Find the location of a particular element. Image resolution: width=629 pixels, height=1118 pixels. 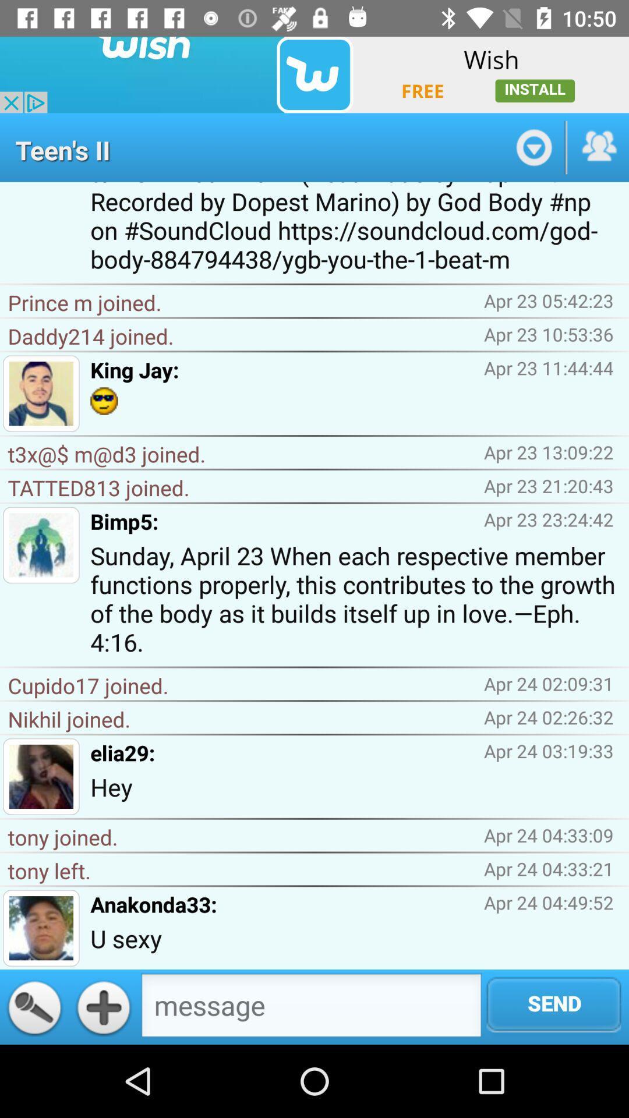

messege button is located at coordinates (310, 1007).